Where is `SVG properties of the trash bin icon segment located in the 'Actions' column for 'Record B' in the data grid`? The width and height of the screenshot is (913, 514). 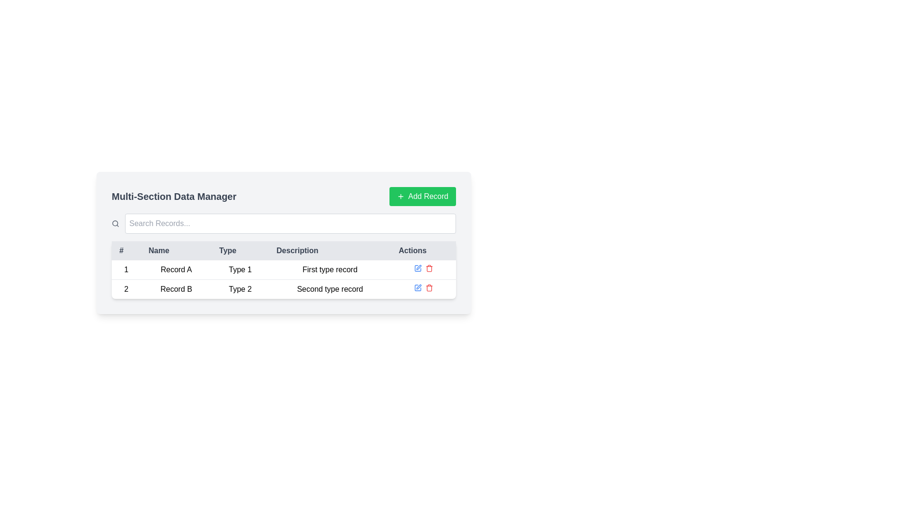 SVG properties of the trash bin icon segment located in the 'Actions' column for 'Record B' in the data grid is located at coordinates (428, 288).